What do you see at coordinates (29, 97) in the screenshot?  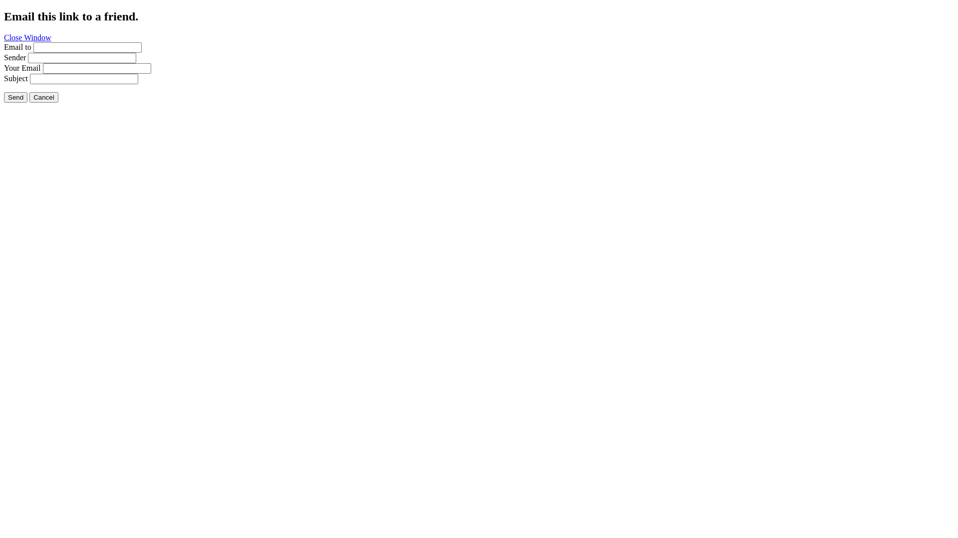 I see `'Cancel'` at bounding box center [29, 97].